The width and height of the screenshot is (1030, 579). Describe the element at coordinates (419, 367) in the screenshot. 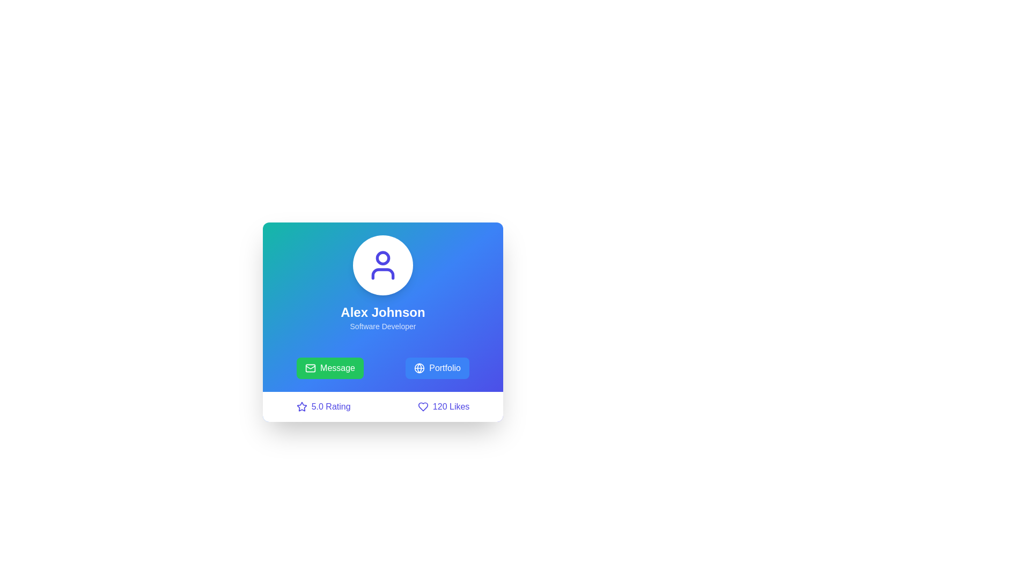

I see `the 'Portfolio' button which contains the globe icon to the left of the text label` at that location.